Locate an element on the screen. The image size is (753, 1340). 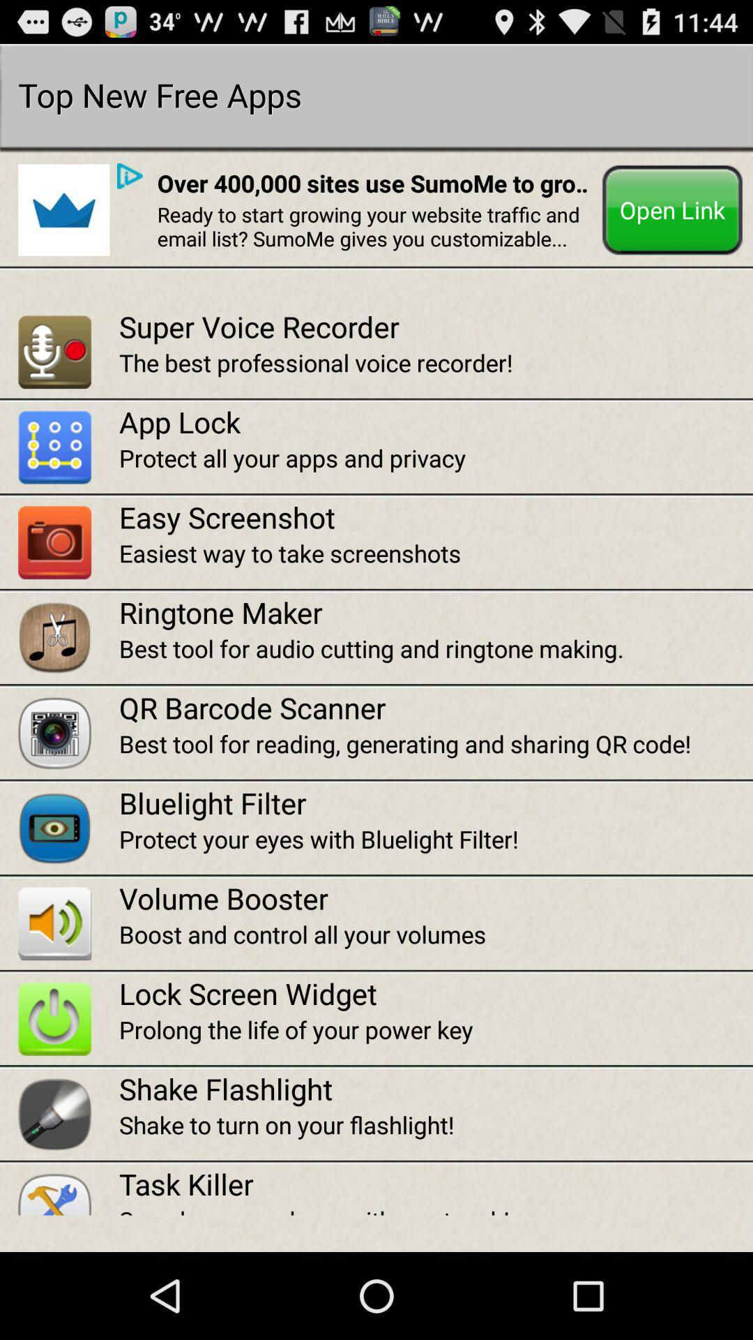
the item above speed up your is located at coordinates (435, 1183).